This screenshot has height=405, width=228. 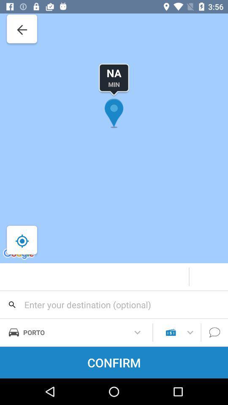 I want to click on the chat icon, so click(x=214, y=332).